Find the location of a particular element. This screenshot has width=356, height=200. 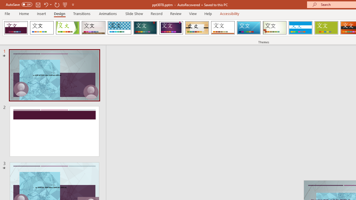

'Save' is located at coordinates (38, 4).